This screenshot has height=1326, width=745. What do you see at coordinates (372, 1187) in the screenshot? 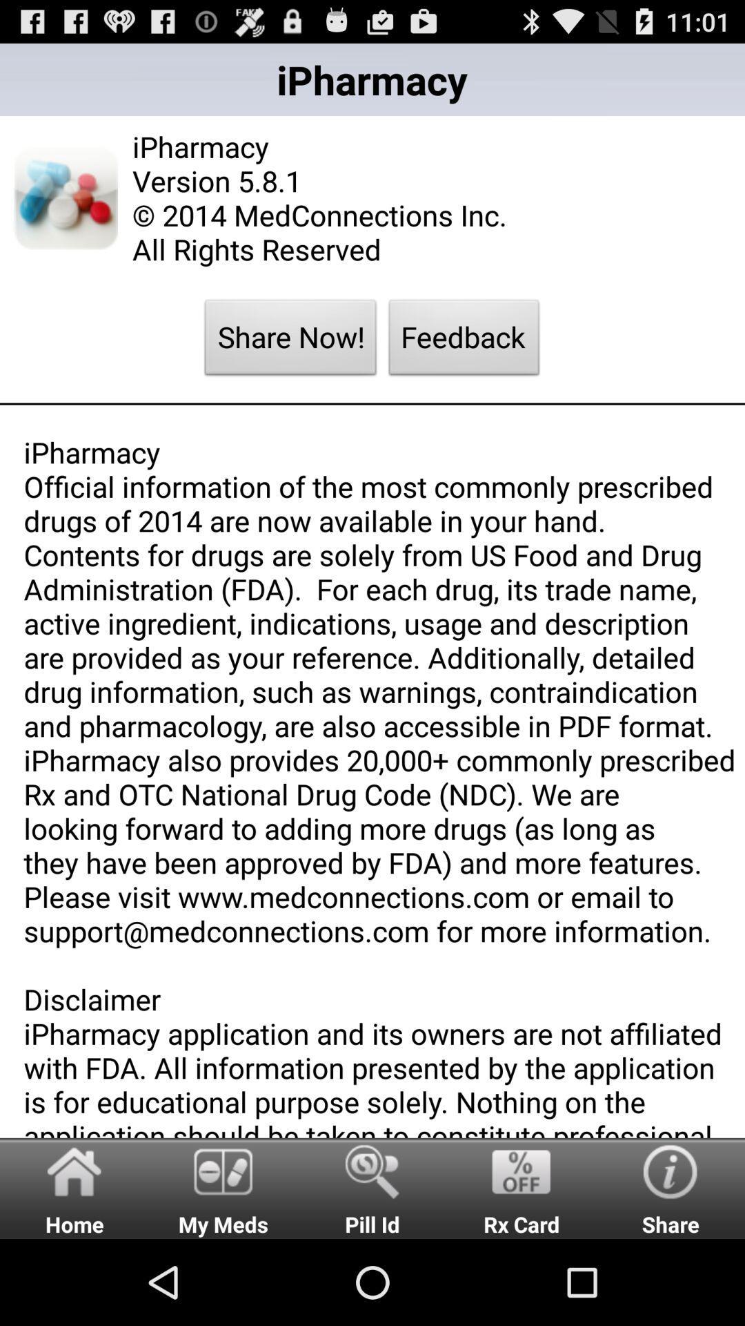
I see `the icon to the left of the rx card icon` at bounding box center [372, 1187].